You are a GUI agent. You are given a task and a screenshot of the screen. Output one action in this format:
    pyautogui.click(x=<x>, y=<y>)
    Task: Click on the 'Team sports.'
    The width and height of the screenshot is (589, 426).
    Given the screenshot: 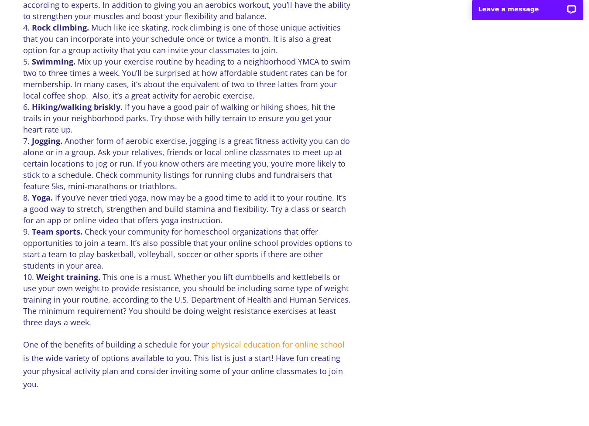 What is the action you would take?
    pyautogui.click(x=58, y=231)
    